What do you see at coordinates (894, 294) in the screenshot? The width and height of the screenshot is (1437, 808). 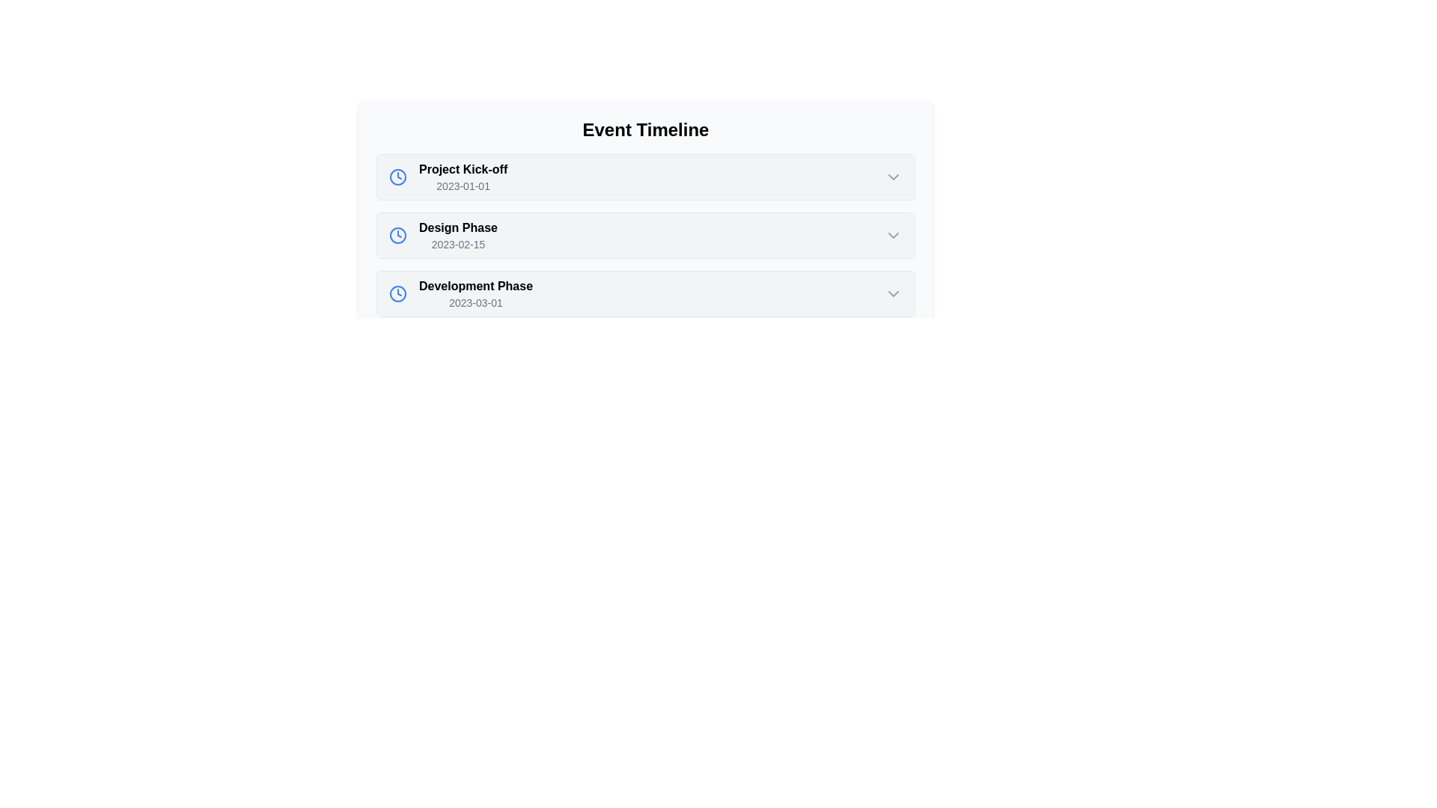 I see `the chevron icon on the far right side of the 'Development Phase' row` at bounding box center [894, 294].